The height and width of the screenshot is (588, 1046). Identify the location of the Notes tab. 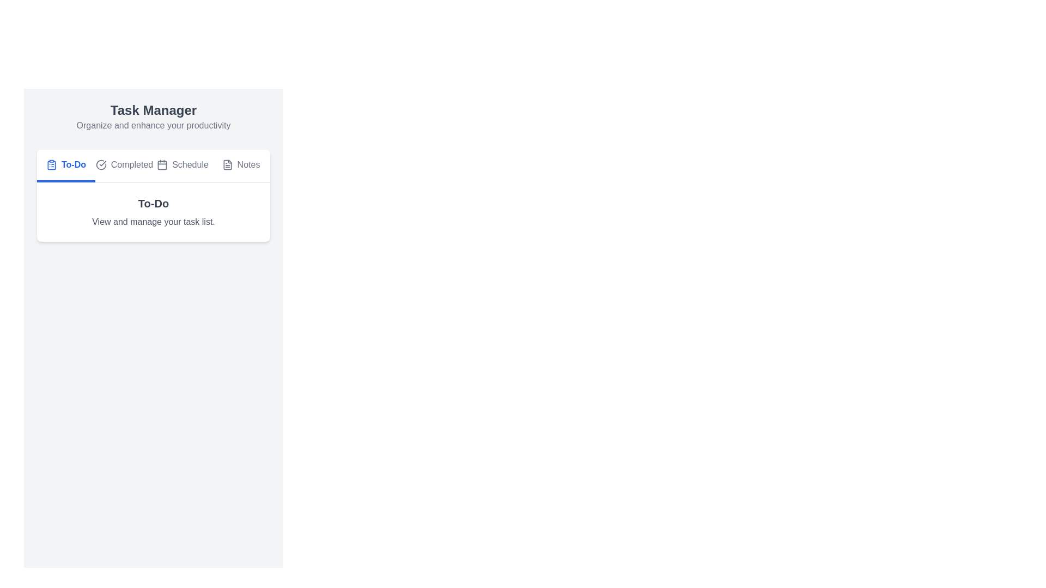
(240, 166).